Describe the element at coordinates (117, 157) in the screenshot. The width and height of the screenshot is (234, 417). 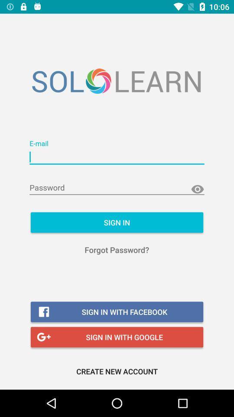
I see `input email address` at that location.